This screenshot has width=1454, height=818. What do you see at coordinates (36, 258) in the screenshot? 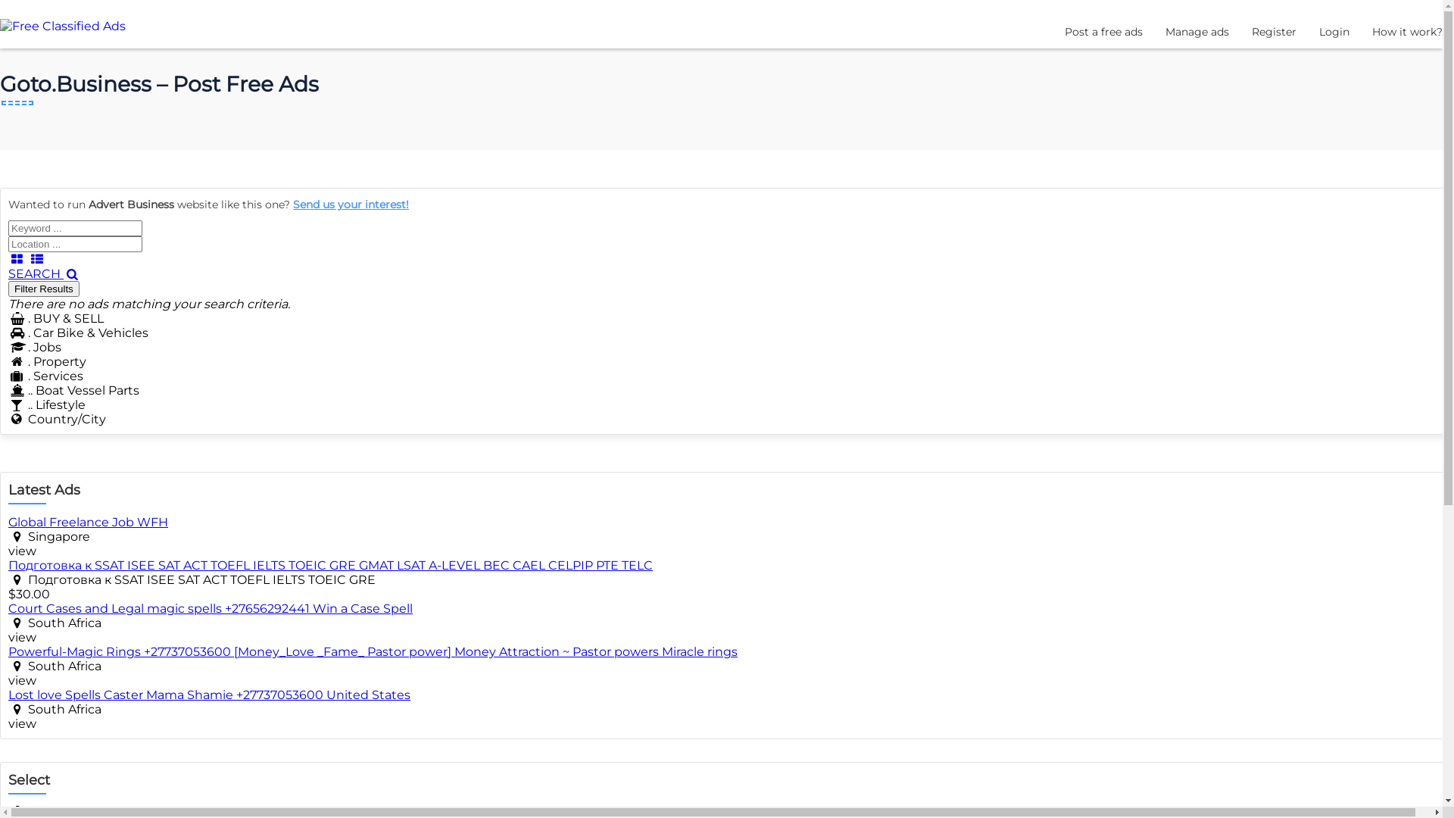
I see `'List'` at bounding box center [36, 258].